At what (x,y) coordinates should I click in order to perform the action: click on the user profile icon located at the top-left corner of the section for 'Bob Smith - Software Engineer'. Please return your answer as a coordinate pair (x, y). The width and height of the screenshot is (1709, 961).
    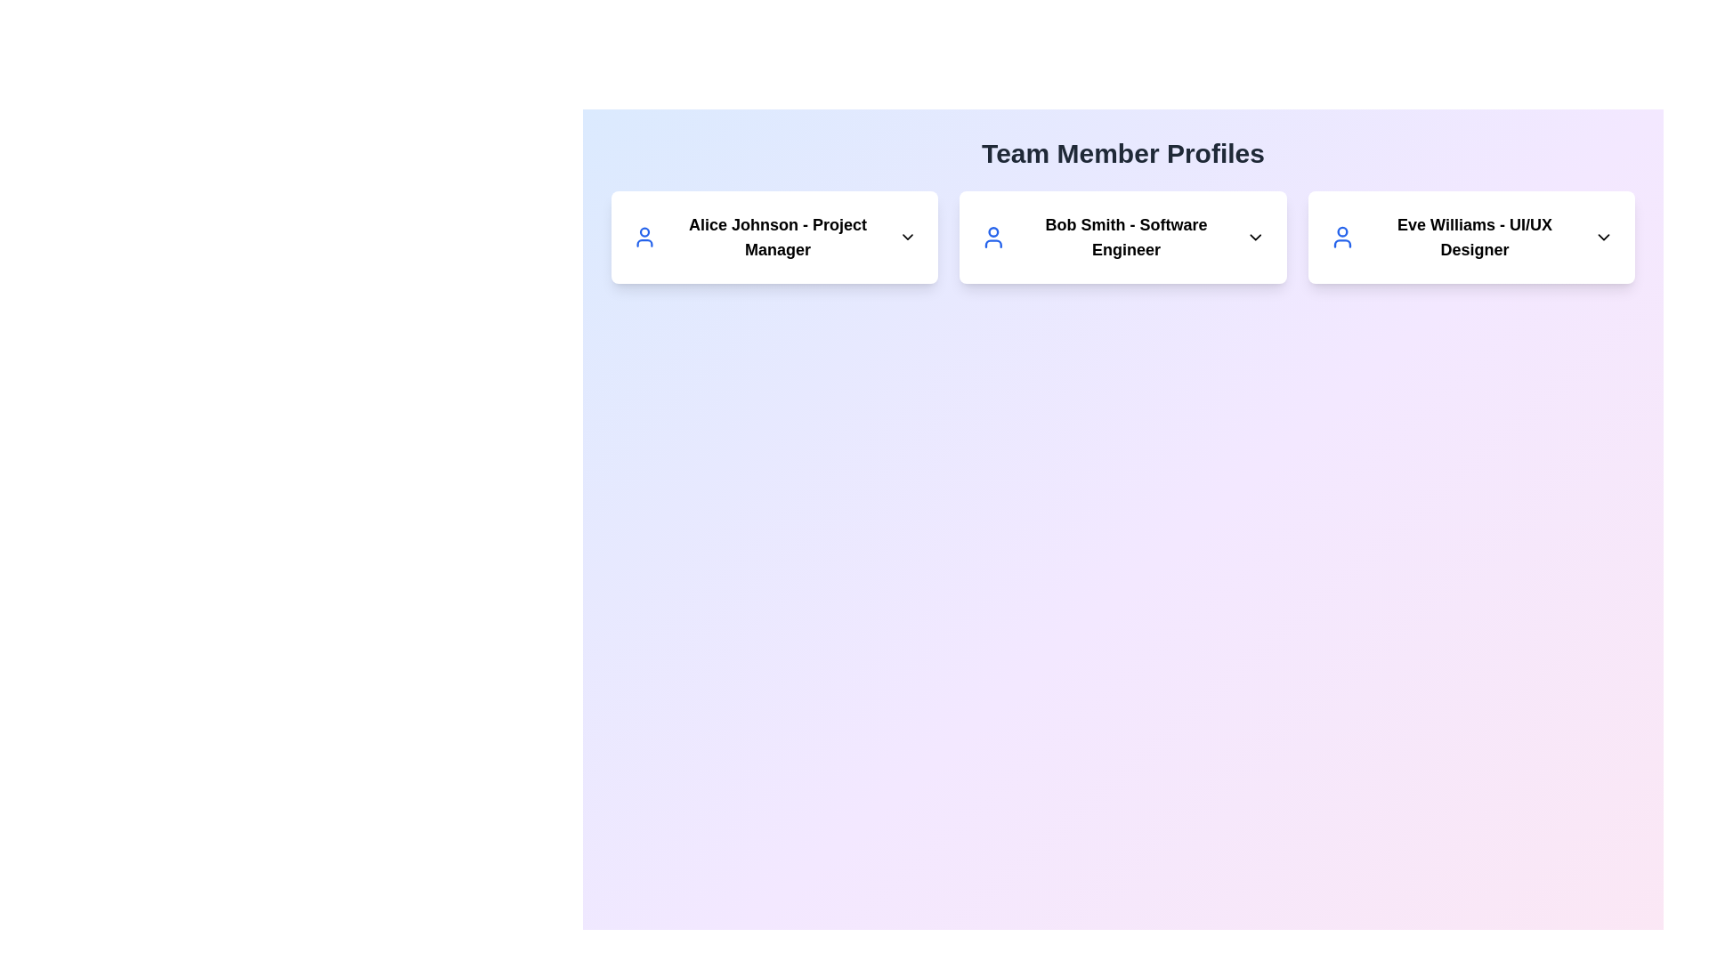
    Looking at the image, I should click on (992, 236).